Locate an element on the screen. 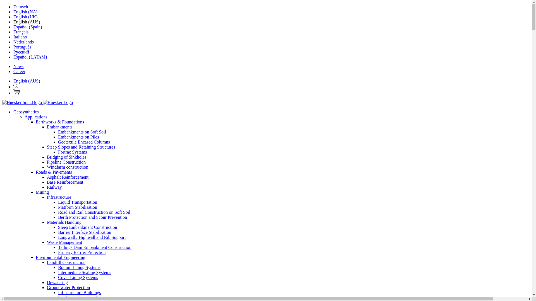  'Windfarm construction' is located at coordinates (67, 167).